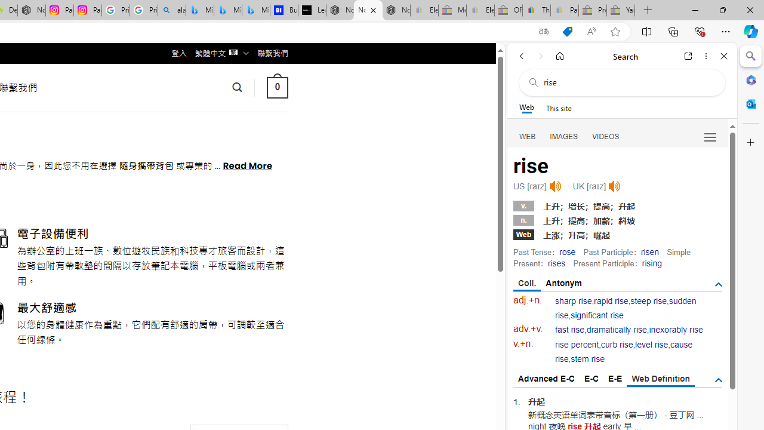 This screenshot has height=430, width=764. Describe the element at coordinates (717, 285) in the screenshot. I see `'AutomationID: tgsb'` at that location.